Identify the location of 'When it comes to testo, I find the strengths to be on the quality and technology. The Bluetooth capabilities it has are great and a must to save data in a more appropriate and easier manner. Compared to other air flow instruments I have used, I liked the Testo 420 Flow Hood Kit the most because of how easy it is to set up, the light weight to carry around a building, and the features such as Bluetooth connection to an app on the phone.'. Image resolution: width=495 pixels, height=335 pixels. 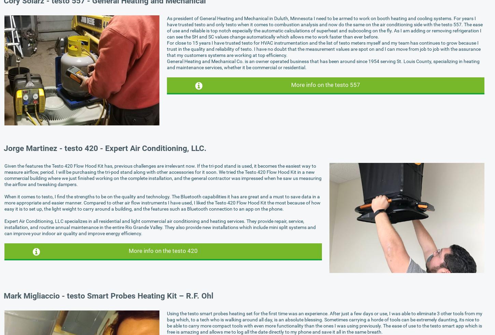
(162, 202).